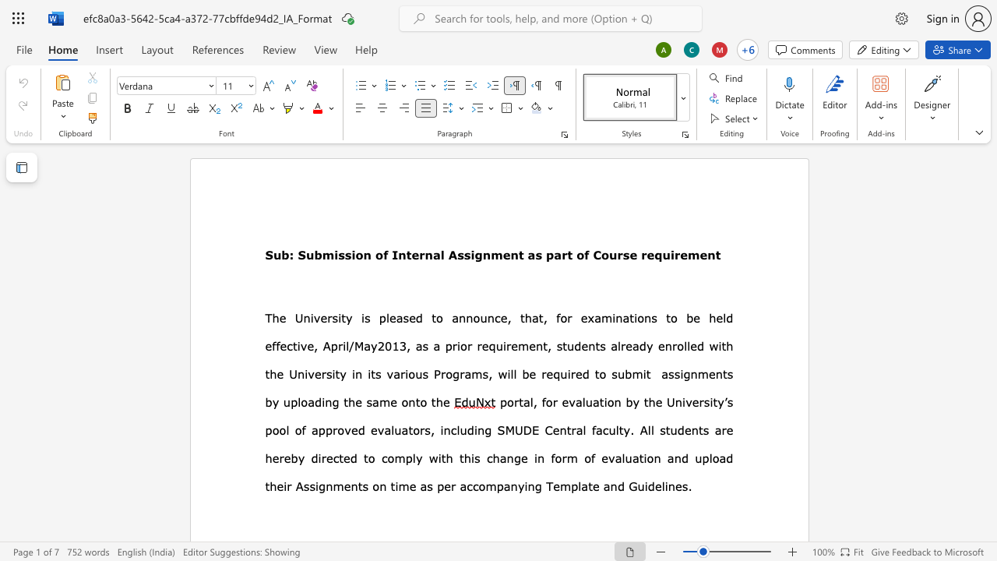  What do you see at coordinates (664, 345) in the screenshot?
I see `the space between the continuous character "e" and "n" in the text` at bounding box center [664, 345].